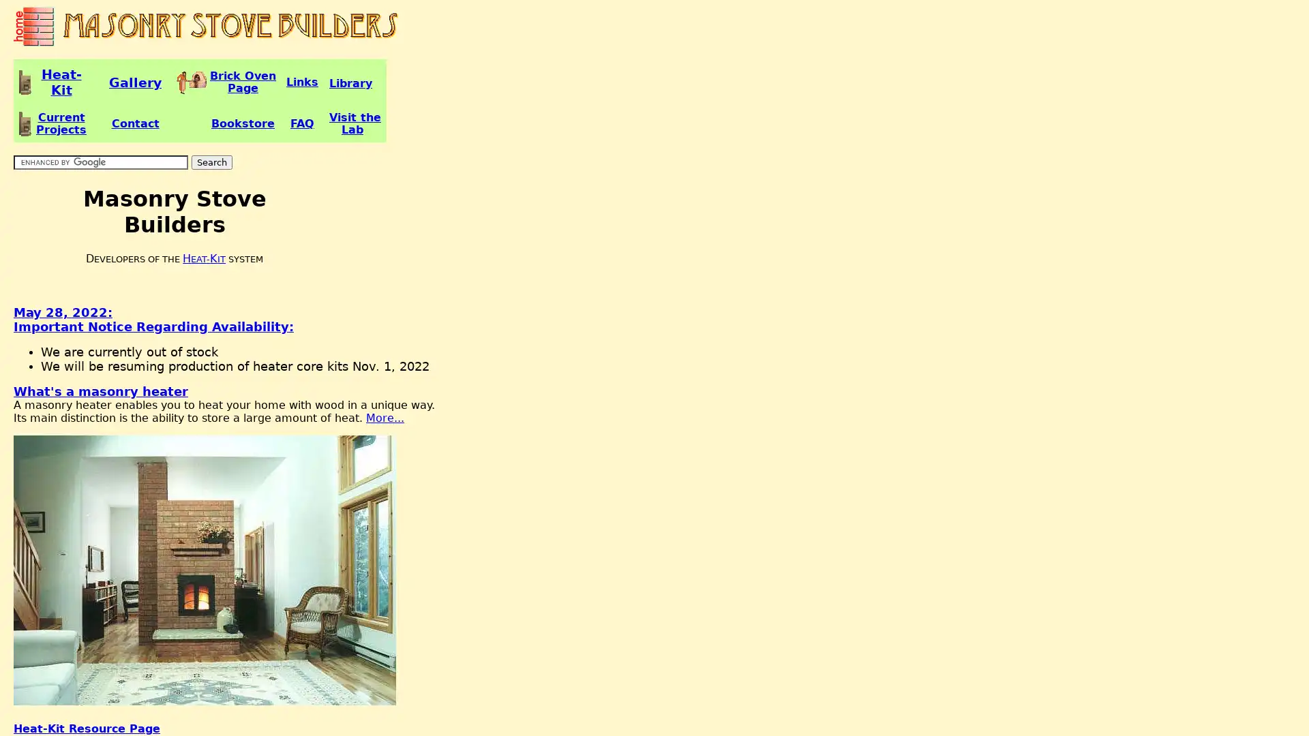 This screenshot has height=736, width=1309. I want to click on Search, so click(211, 162).